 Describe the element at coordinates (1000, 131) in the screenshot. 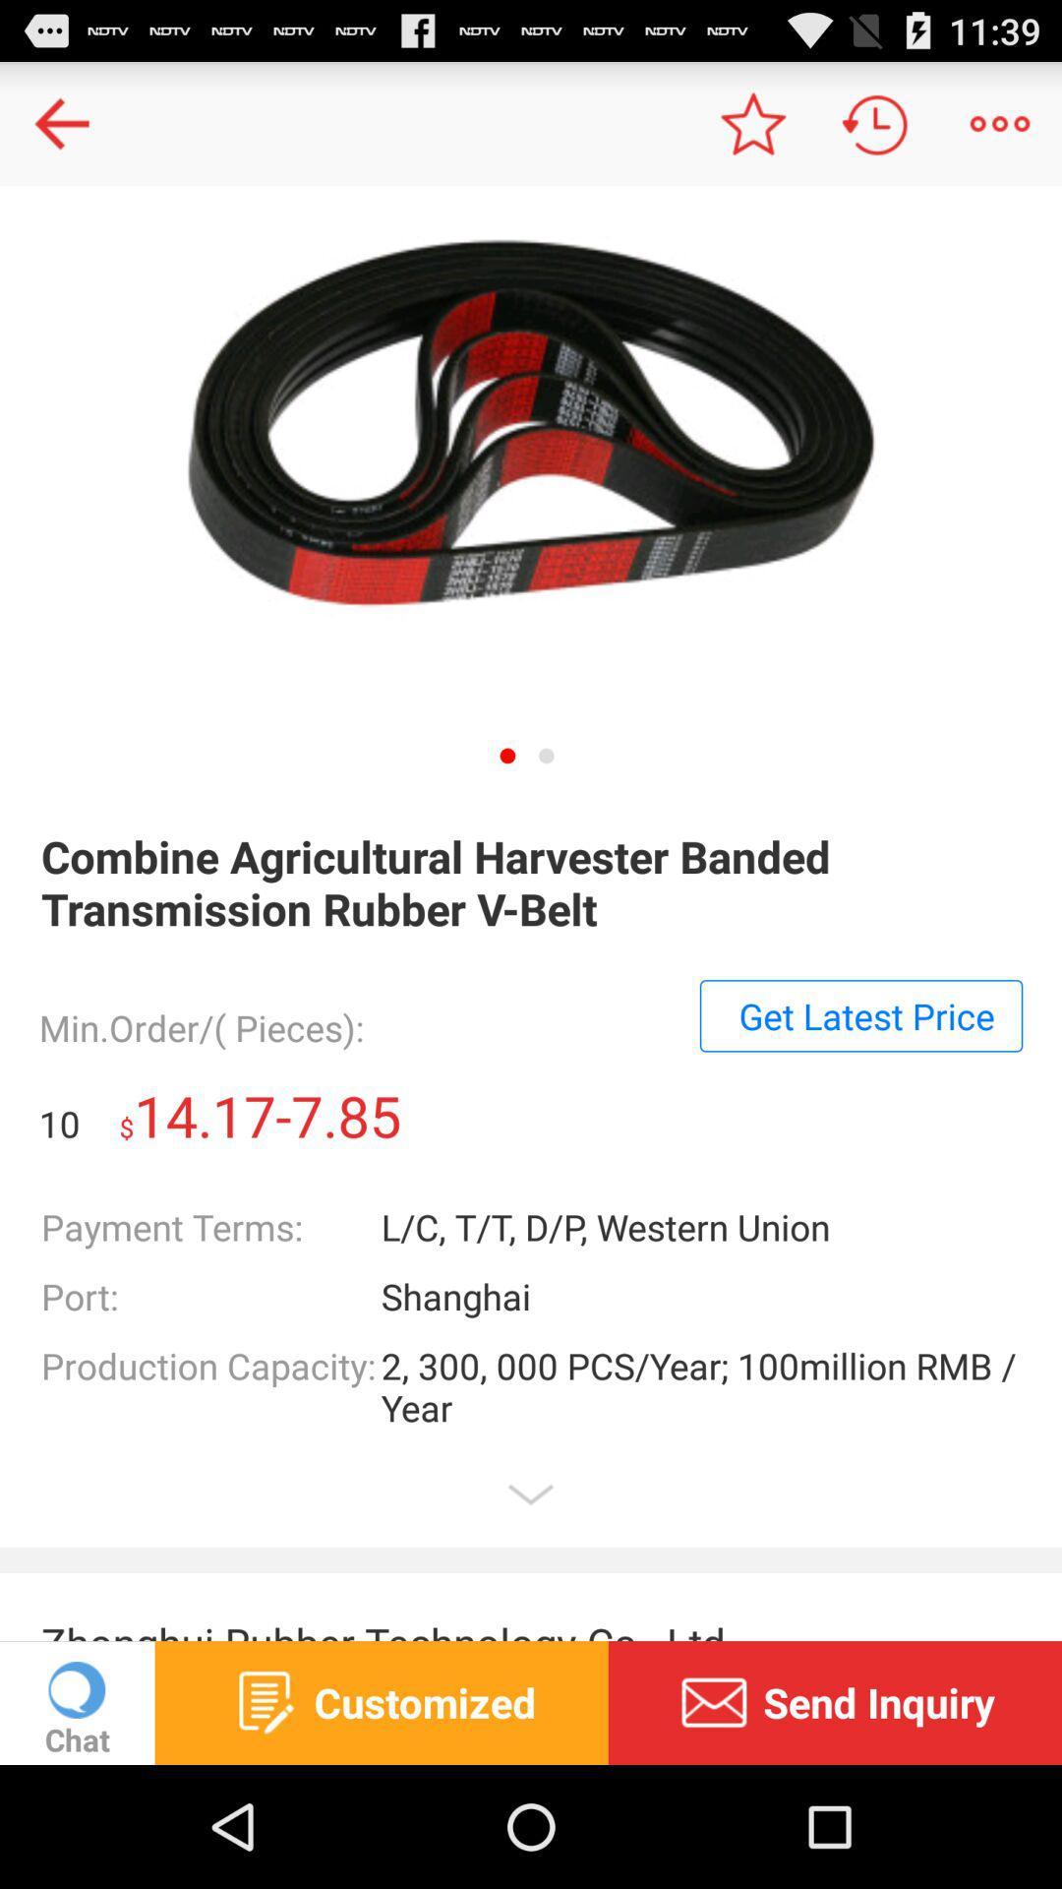

I see `the more icon` at that location.